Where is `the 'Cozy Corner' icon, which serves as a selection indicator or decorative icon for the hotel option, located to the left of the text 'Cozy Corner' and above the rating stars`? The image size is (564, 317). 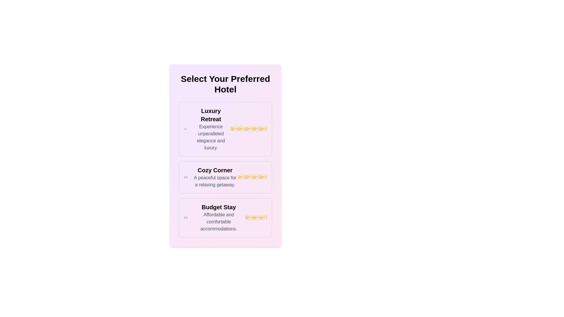
the 'Cozy Corner' icon, which serves as a selection indicator or decorative icon for the hotel option, located to the left of the text 'Cozy Corner' and above the rating stars is located at coordinates (185, 177).